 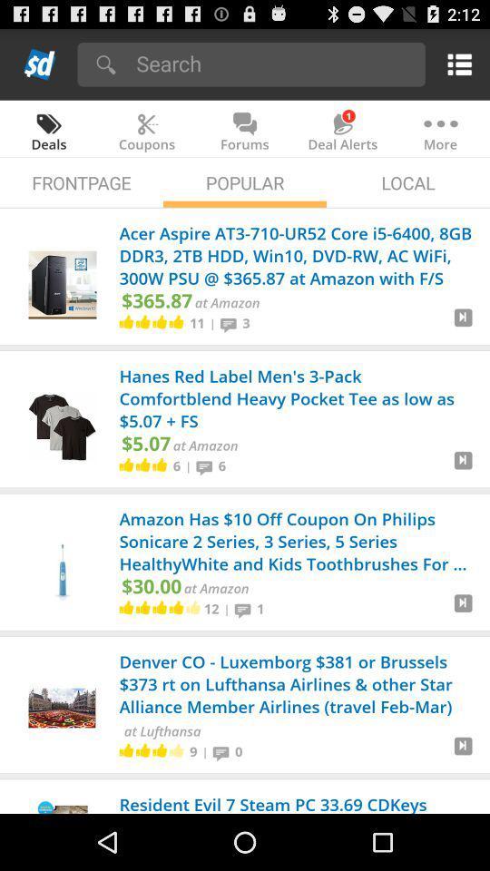 What do you see at coordinates (463, 753) in the screenshot?
I see `next option` at bounding box center [463, 753].